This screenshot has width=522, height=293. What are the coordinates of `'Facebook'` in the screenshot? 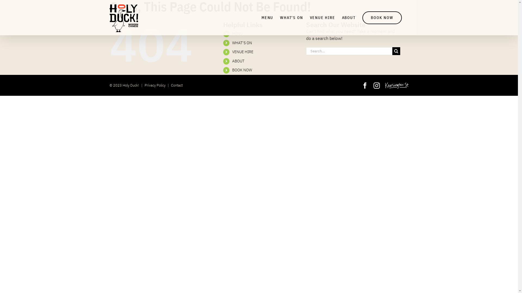 It's located at (365, 85).